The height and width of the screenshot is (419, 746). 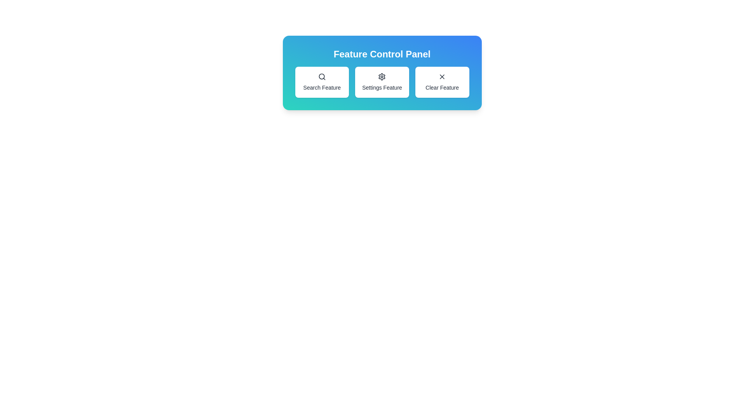 What do you see at coordinates (382, 76) in the screenshot?
I see `the central component of the gear-like icon` at bounding box center [382, 76].